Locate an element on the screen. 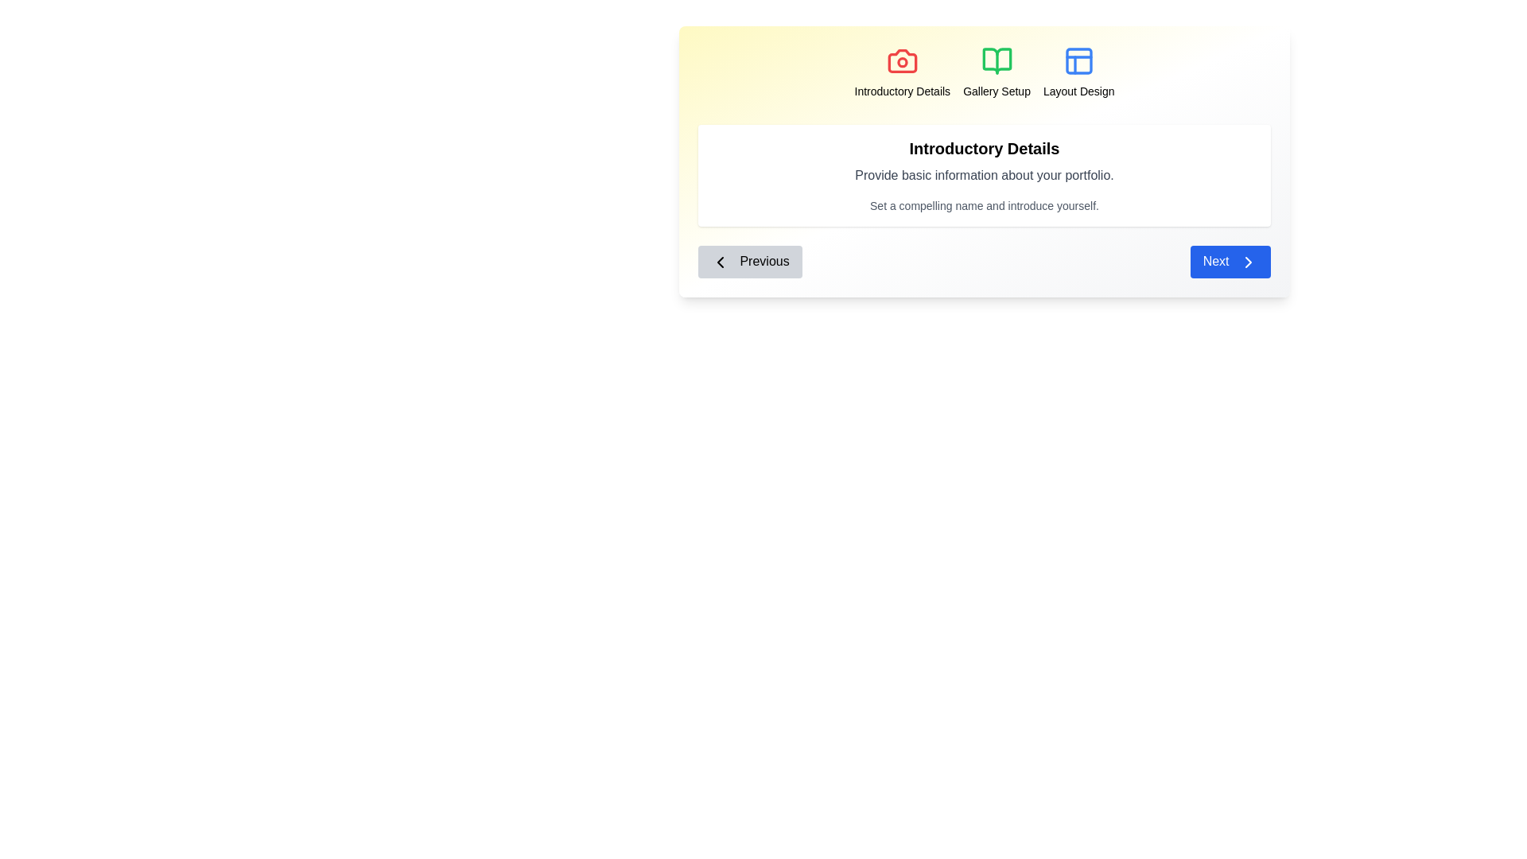 The width and height of the screenshot is (1527, 859). the 'Previous' button's icon that visually signifies navigating to the previous step, located at the bottom-left corner of the visible card interface is located at coordinates (720, 260).